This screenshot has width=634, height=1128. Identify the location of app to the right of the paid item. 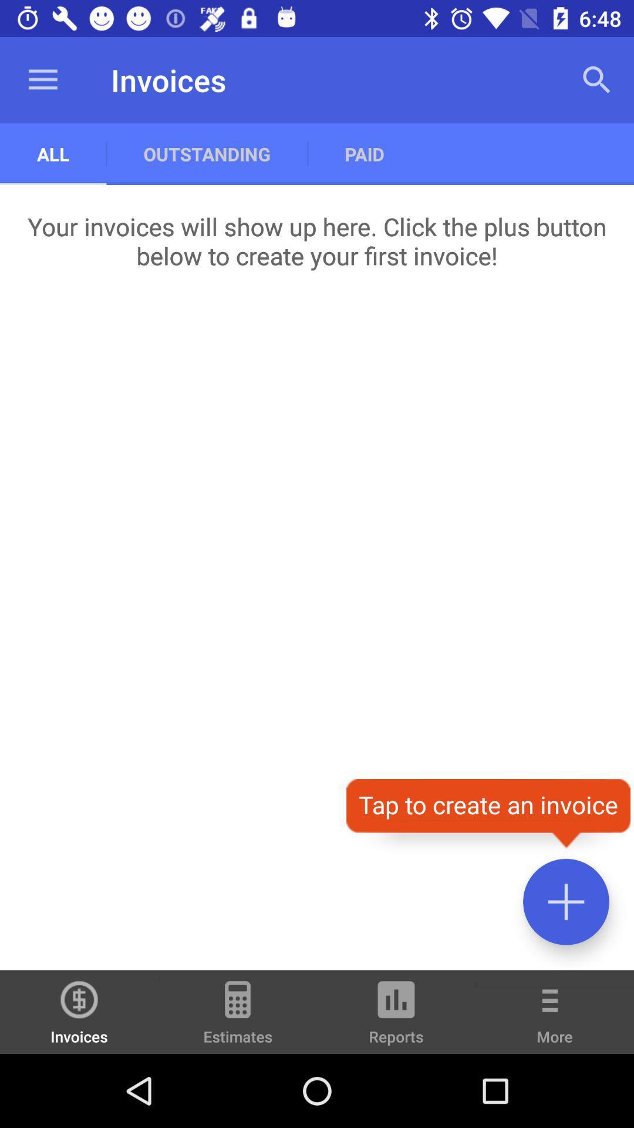
(597, 79).